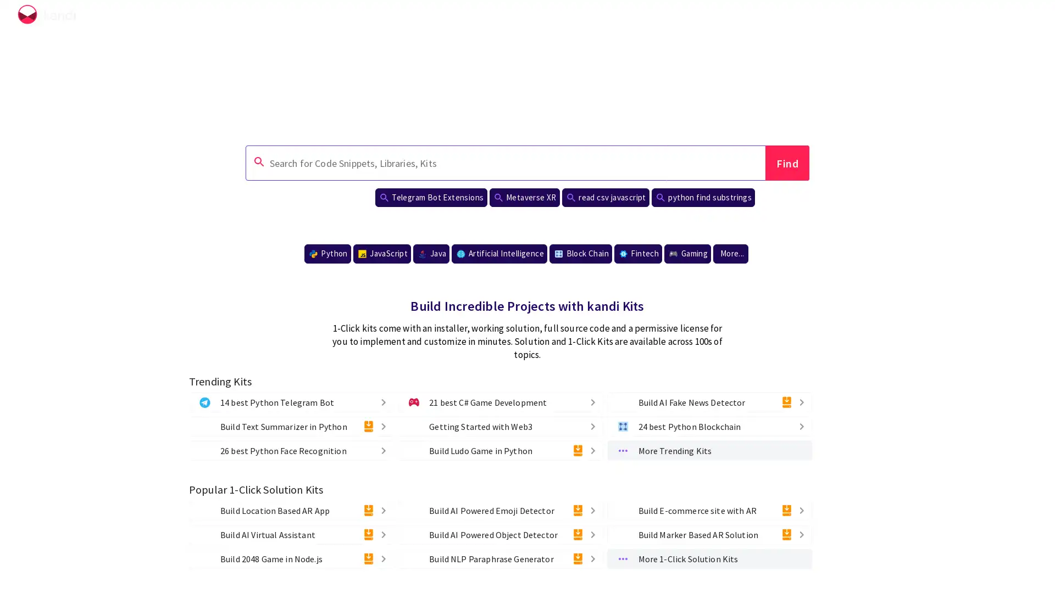 This screenshot has width=1055, height=593. What do you see at coordinates (369, 425) in the screenshot?
I see `delete` at bounding box center [369, 425].